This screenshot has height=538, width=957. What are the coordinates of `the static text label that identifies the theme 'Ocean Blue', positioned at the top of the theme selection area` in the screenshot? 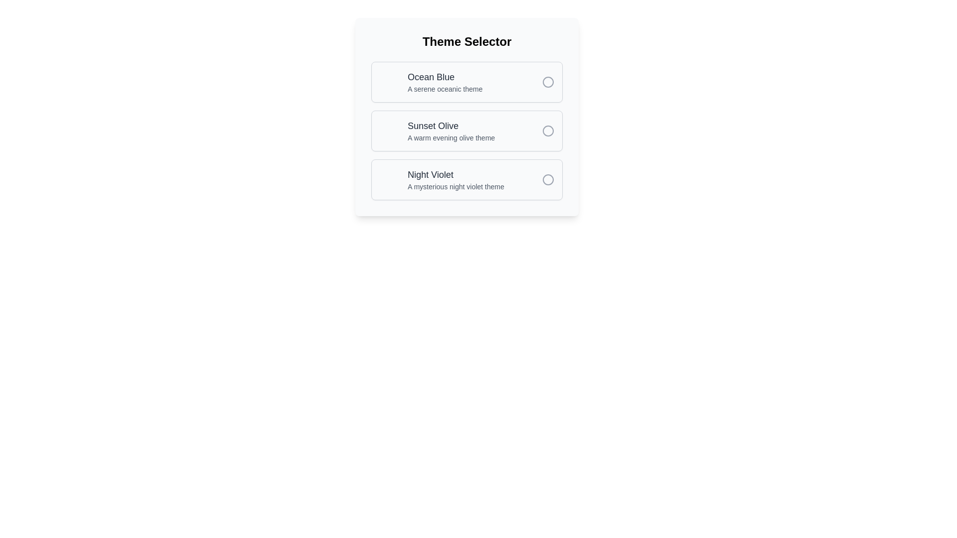 It's located at (445, 76).